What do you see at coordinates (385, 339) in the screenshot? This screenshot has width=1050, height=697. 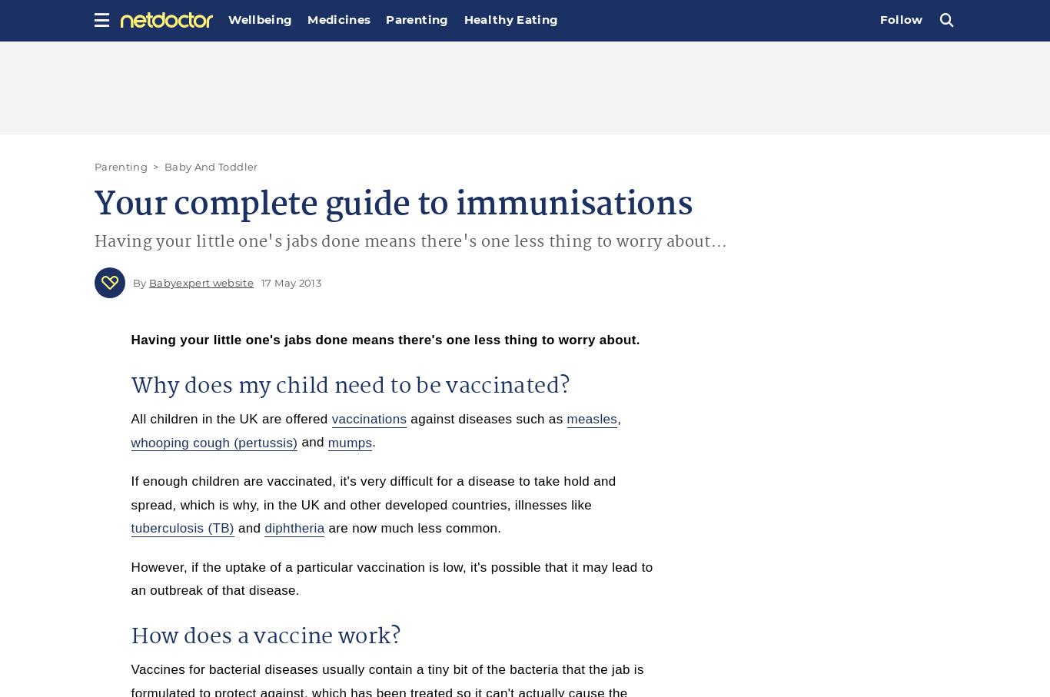 I see `'Having your little one's jabs done means there's one less thing to worry about.'` at bounding box center [385, 339].